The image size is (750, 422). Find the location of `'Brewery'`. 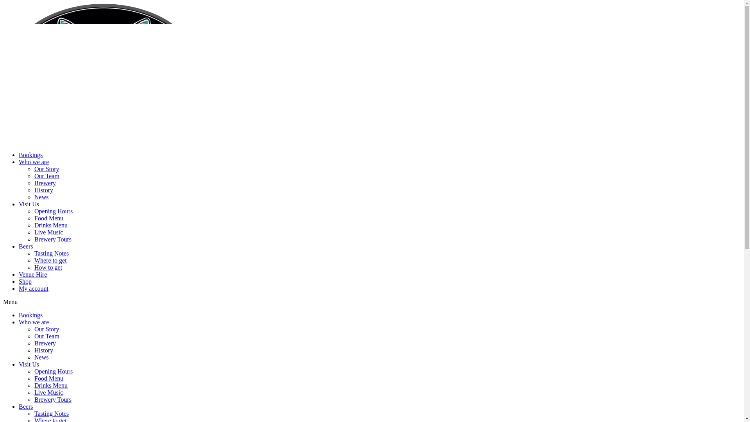

'Brewery' is located at coordinates (34, 183).